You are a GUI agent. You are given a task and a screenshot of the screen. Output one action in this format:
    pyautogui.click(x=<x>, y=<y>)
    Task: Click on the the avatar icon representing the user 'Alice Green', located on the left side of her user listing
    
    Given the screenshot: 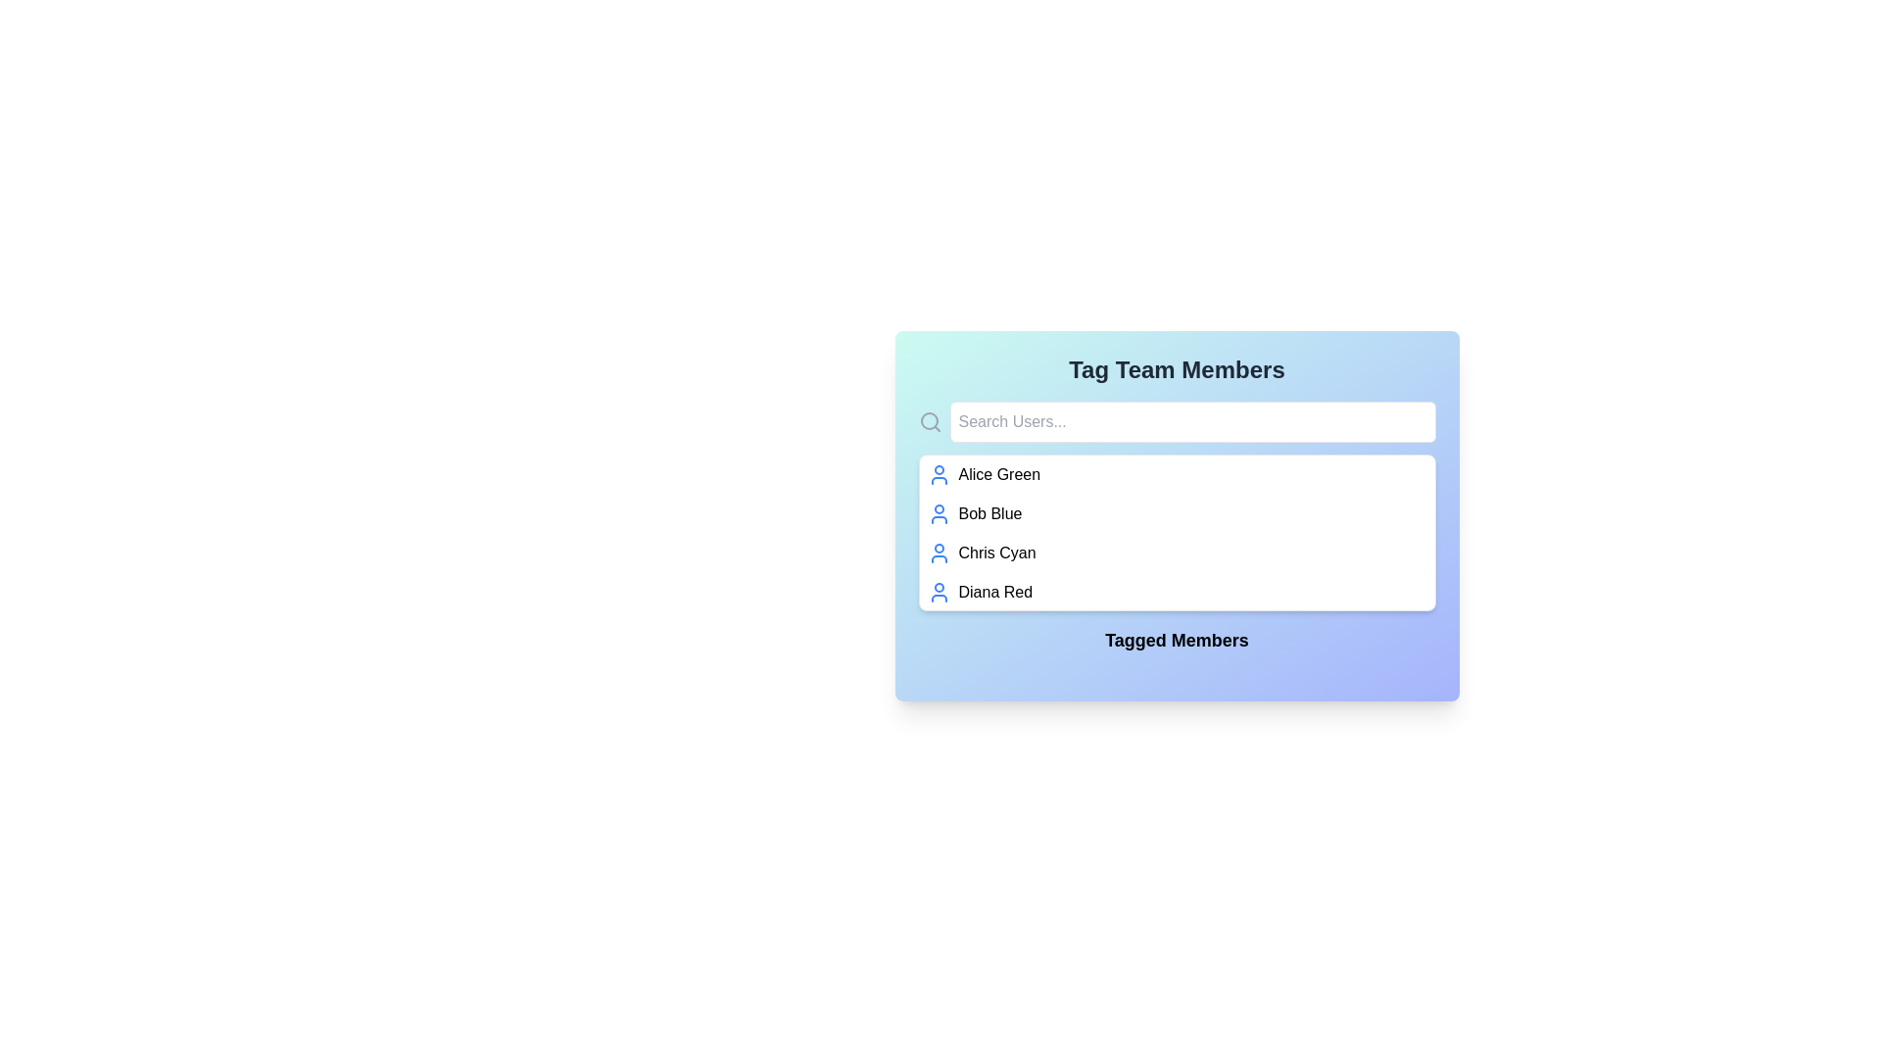 What is the action you would take?
    pyautogui.click(x=938, y=475)
    